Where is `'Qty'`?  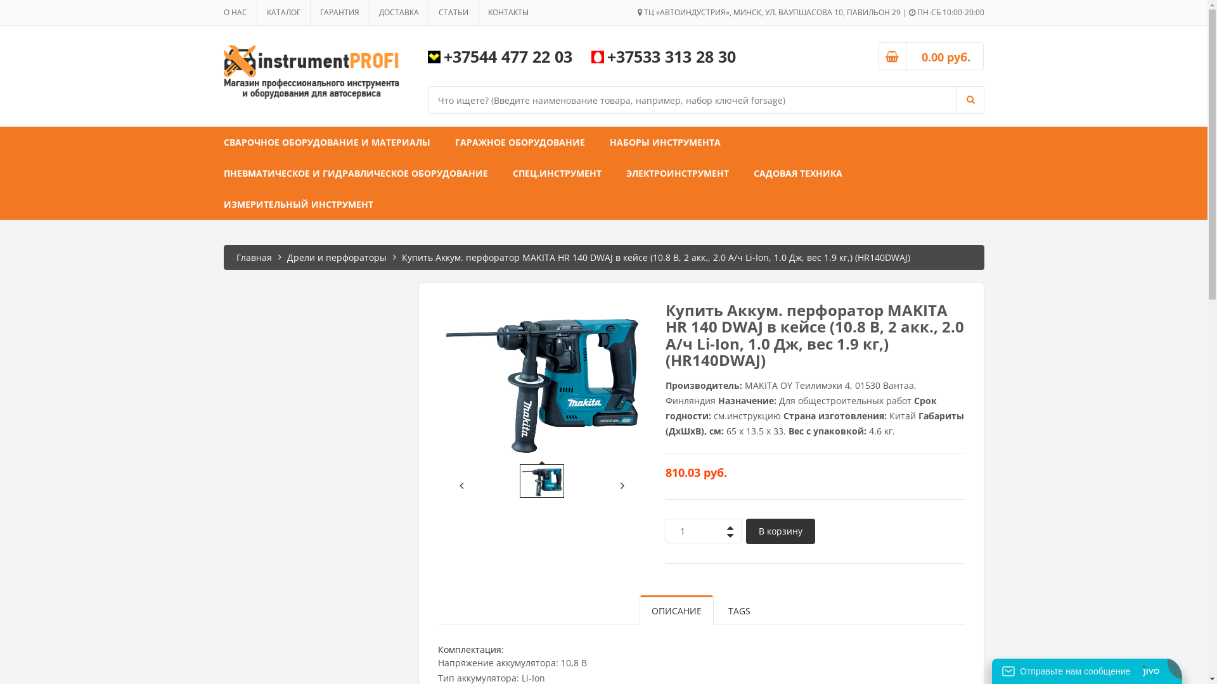
'Qty' is located at coordinates (678, 530).